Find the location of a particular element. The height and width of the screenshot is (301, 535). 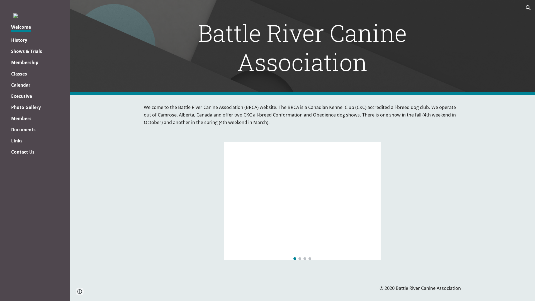

'Contact Us' is located at coordinates (22, 152).